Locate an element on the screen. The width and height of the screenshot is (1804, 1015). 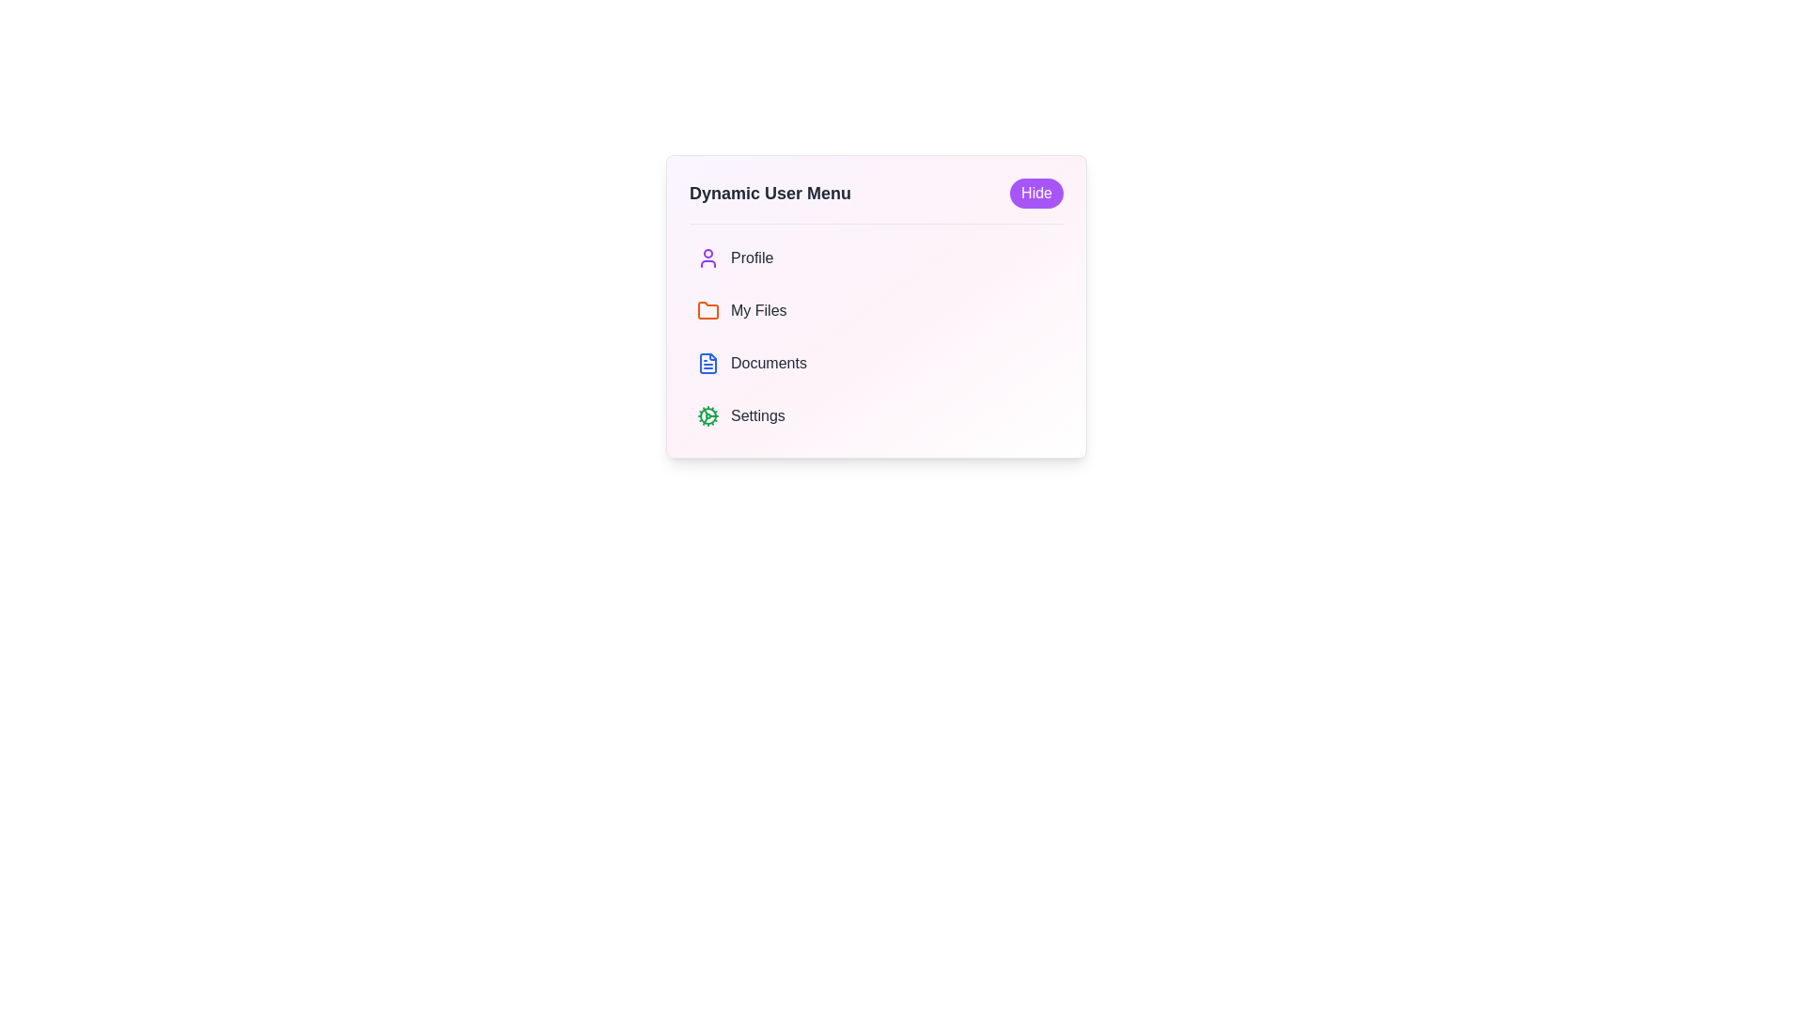
the 'Profile' text label, which is prominently displayed in gray text below the 'Dynamic User Menu' heading is located at coordinates (752, 258).